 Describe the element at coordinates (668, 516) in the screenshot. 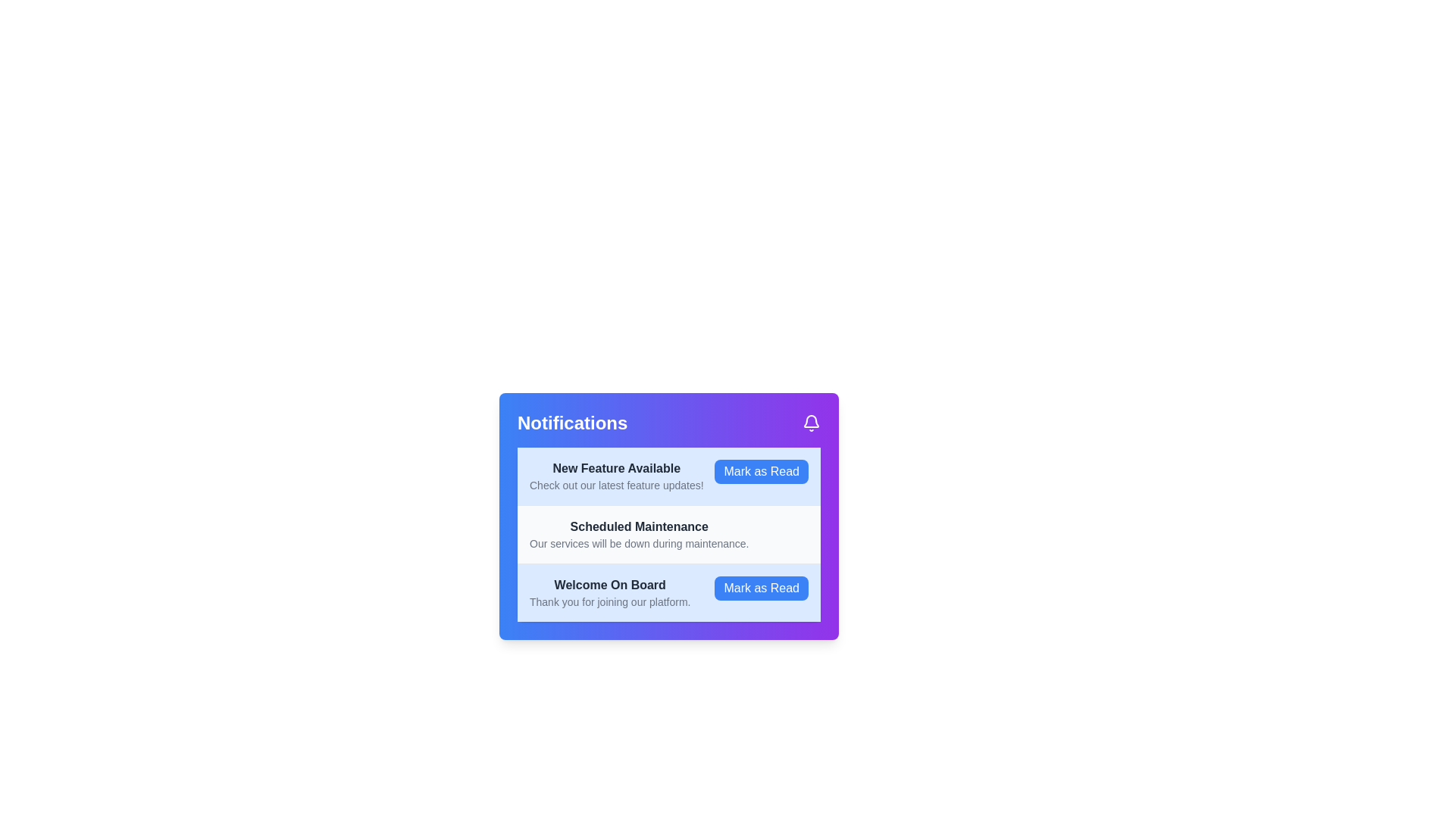

I see `the second notification item in the vertically stacked list` at that location.